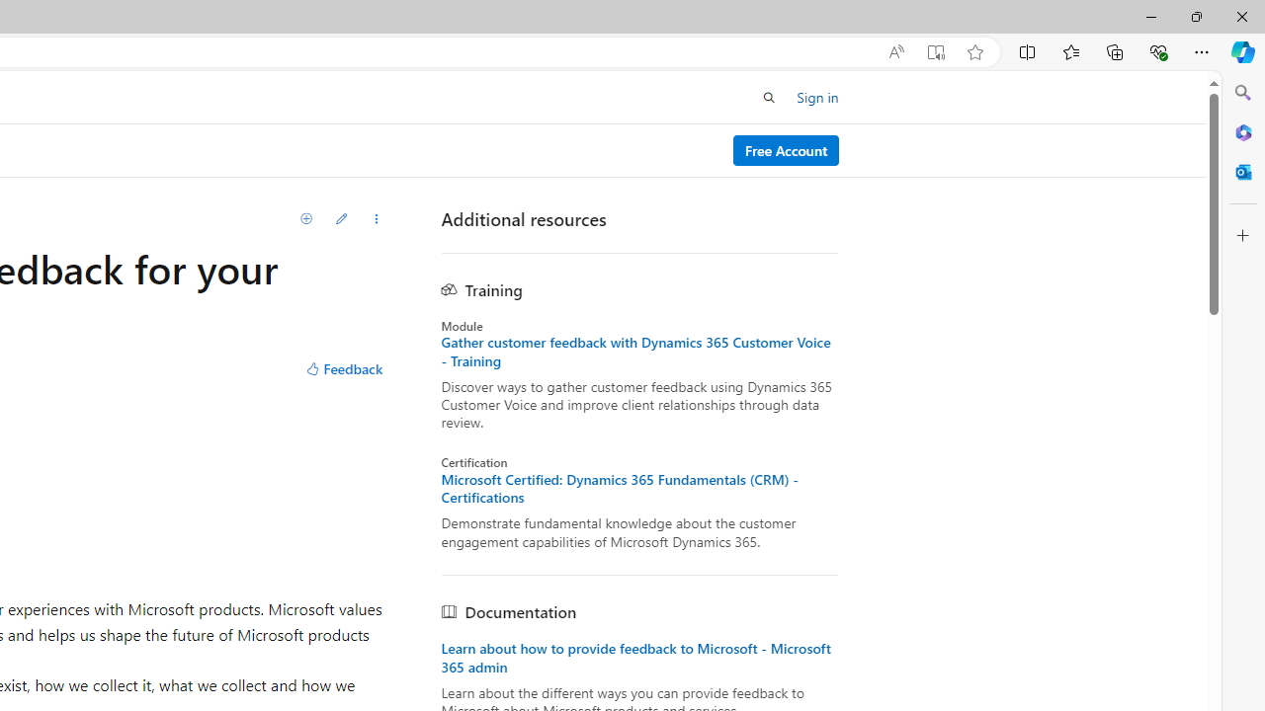 The height and width of the screenshot is (711, 1265). What do you see at coordinates (1028, 50) in the screenshot?
I see `'Split screen'` at bounding box center [1028, 50].